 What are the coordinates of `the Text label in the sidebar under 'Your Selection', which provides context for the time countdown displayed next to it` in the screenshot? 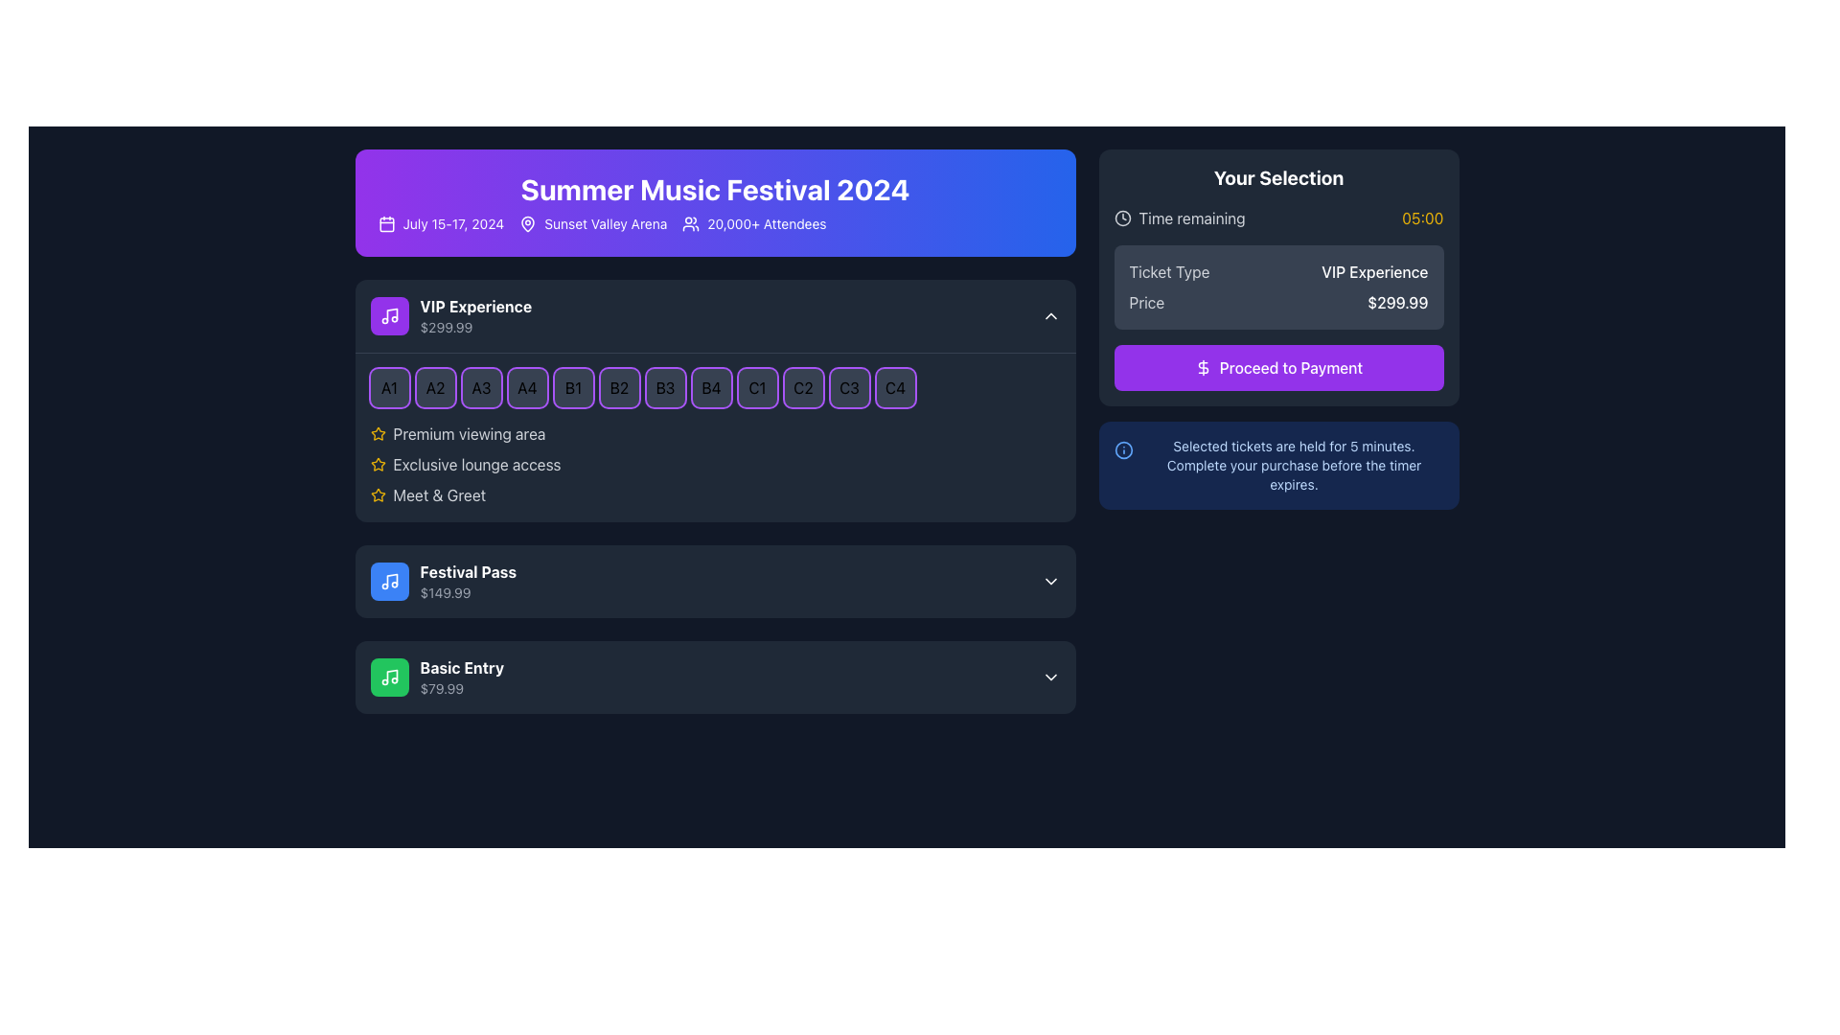 It's located at (1191, 217).